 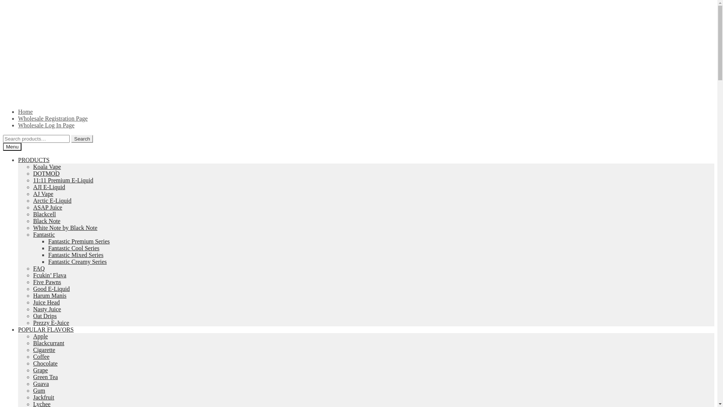 What do you see at coordinates (32, 370) in the screenshot?
I see `'Grape'` at bounding box center [32, 370].